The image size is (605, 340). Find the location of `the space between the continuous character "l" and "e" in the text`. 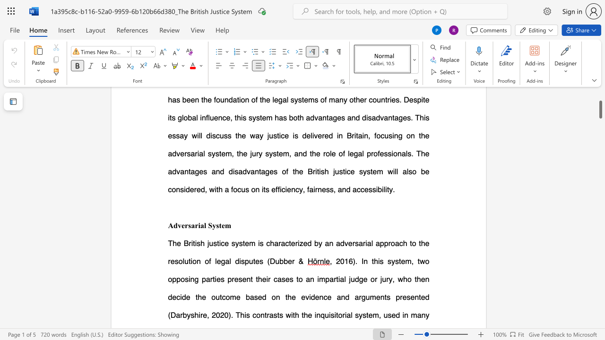

the space between the continuous character "l" and "e" in the text is located at coordinates (217, 261).